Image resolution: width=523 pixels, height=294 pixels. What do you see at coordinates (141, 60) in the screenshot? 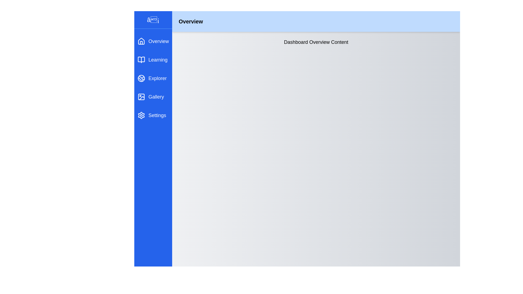
I see `the 'Learning' icon, which resembles an open book and is located in the blue sidebar of the navigation bar` at bounding box center [141, 60].